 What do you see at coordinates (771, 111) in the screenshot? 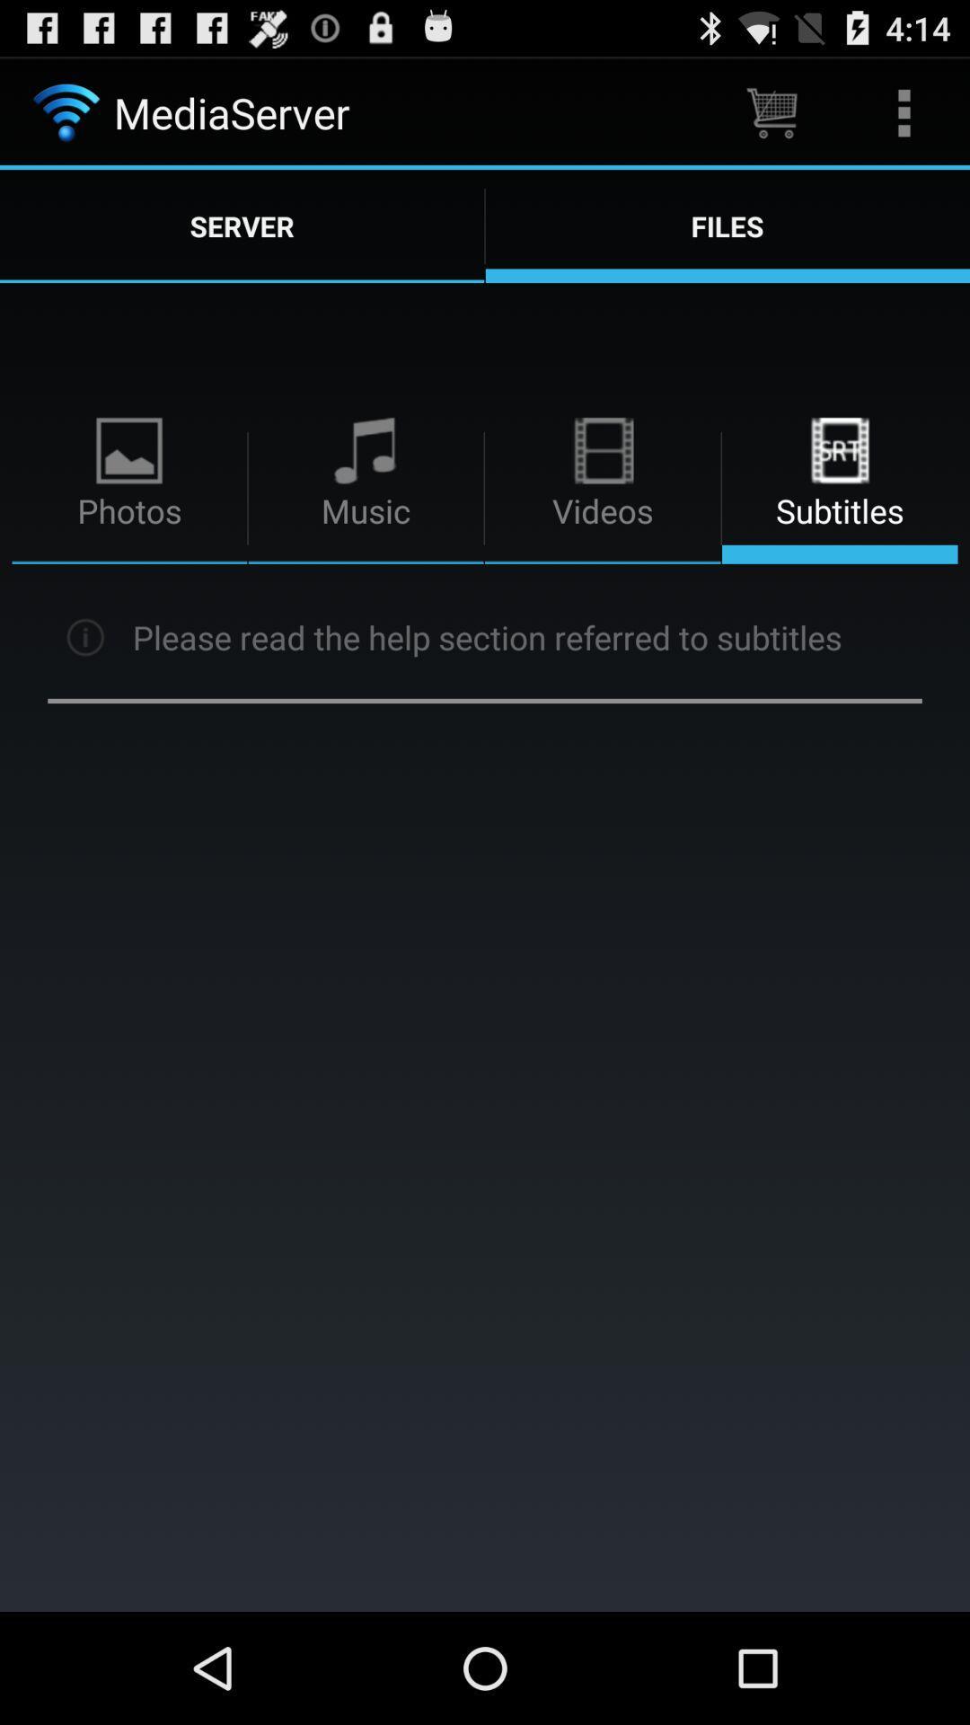
I see `the cart symbol which is before the menu icon` at bounding box center [771, 111].